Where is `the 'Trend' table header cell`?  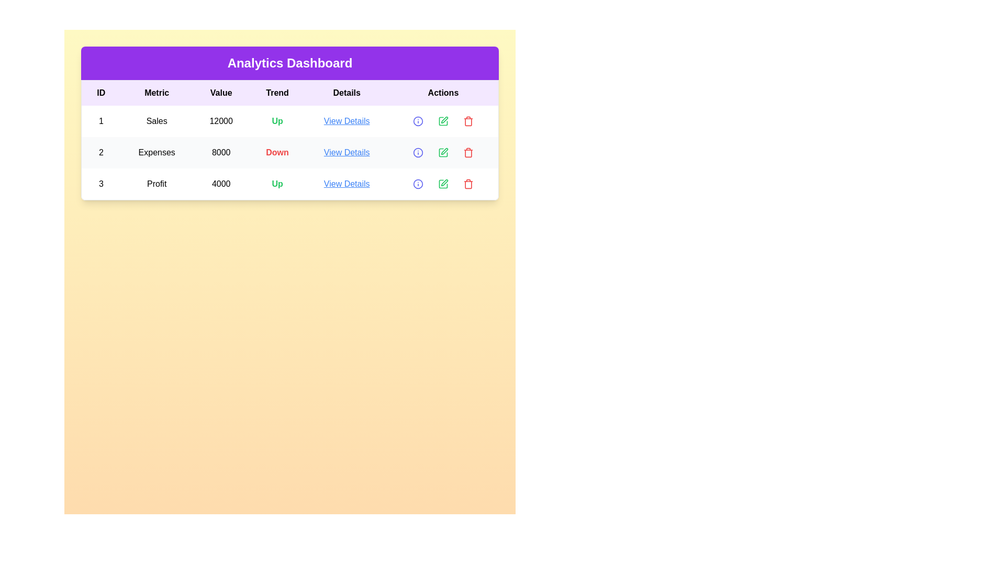 the 'Trend' table header cell is located at coordinates (277, 92).